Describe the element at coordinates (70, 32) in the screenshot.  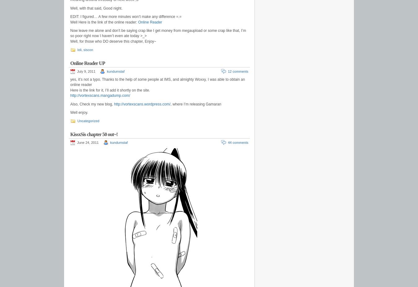
I see `'Now leave me alone and don’t be saying crap like I get money from megaupload or some crap like that, I’m so poor right now I haven’t even ate today >_>'` at that location.